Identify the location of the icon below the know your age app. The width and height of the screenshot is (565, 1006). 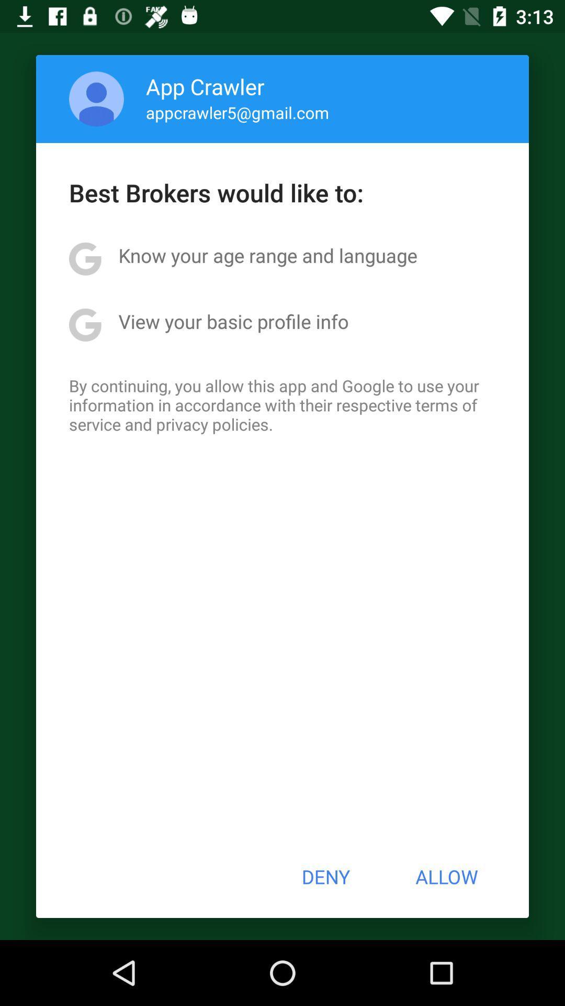
(233, 321).